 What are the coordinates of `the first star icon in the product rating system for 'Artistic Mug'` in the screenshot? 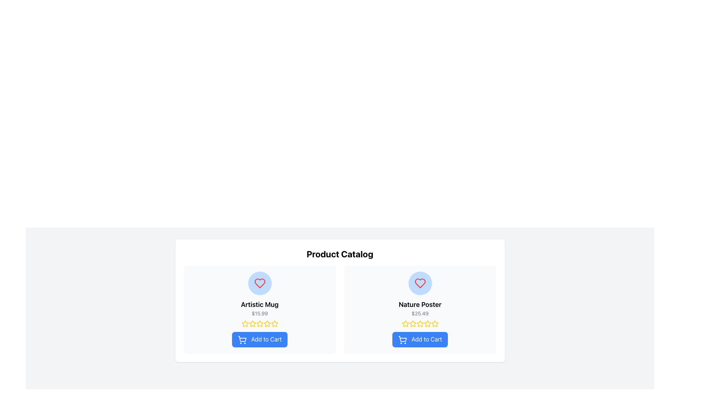 It's located at (245, 323).